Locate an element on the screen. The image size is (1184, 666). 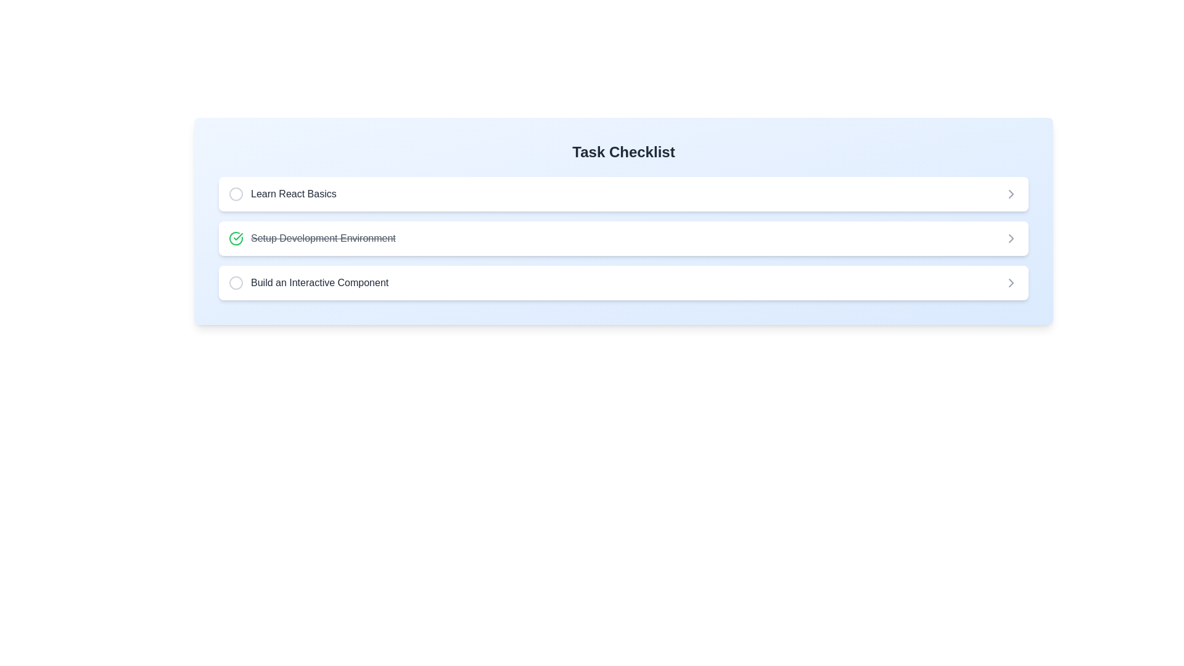
the gray circular element with a diameter of 20 pixels located beside the text 'Learn React Basics' in the 'Task Checklist' is located at coordinates (236, 194).